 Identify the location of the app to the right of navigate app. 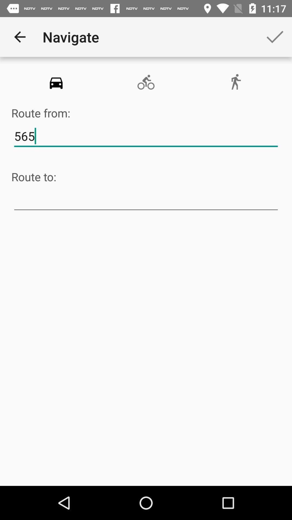
(275, 37).